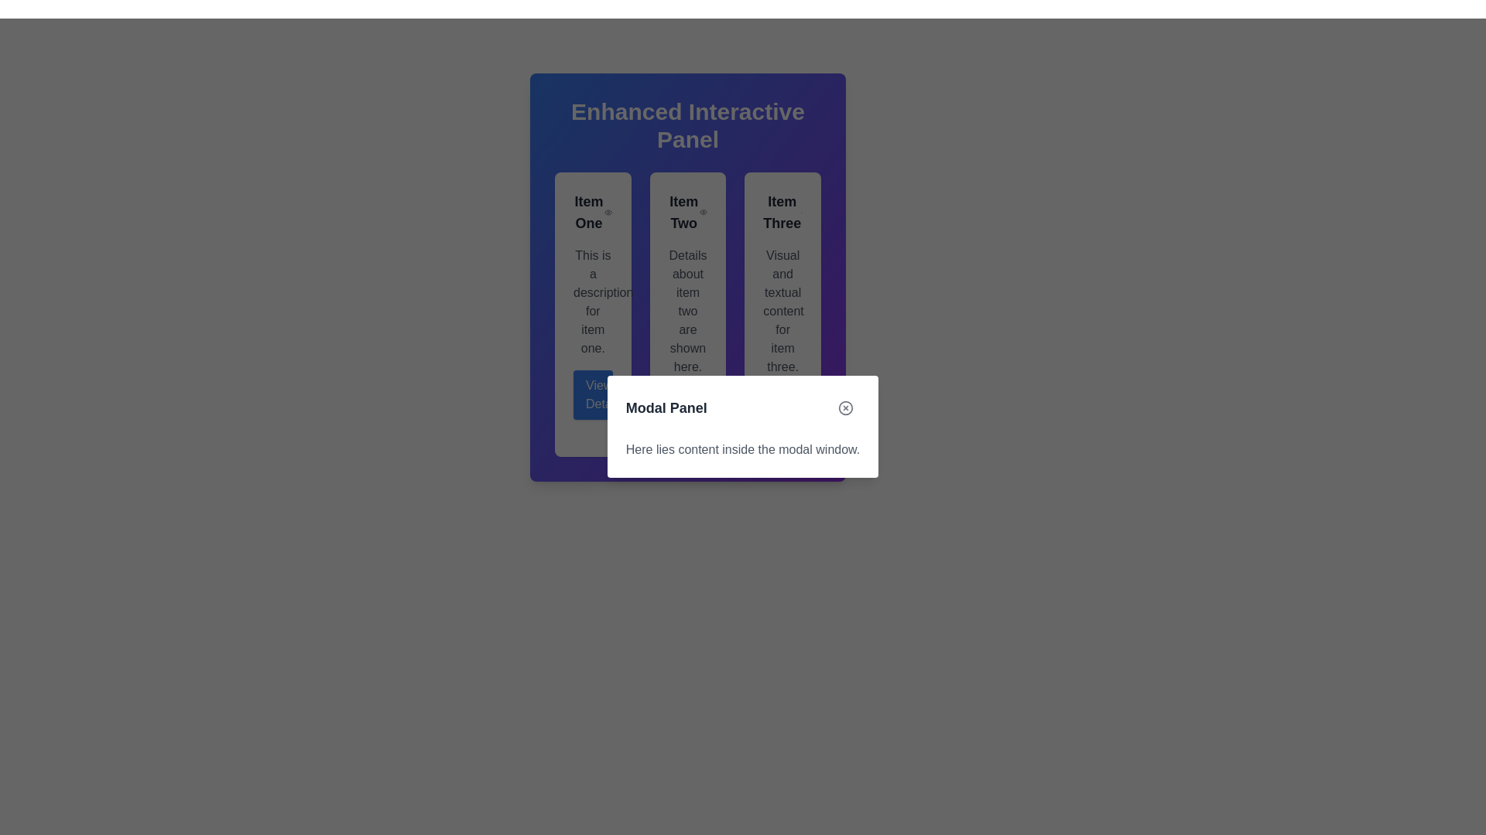 Image resolution: width=1486 pixels, height=835 pixels. Describe the element at coordinates (592, 302) in the screenshot. I see `the static text block that provides additional information about 'Item One', located beneath its title and above the 'View Details' button` at that location.